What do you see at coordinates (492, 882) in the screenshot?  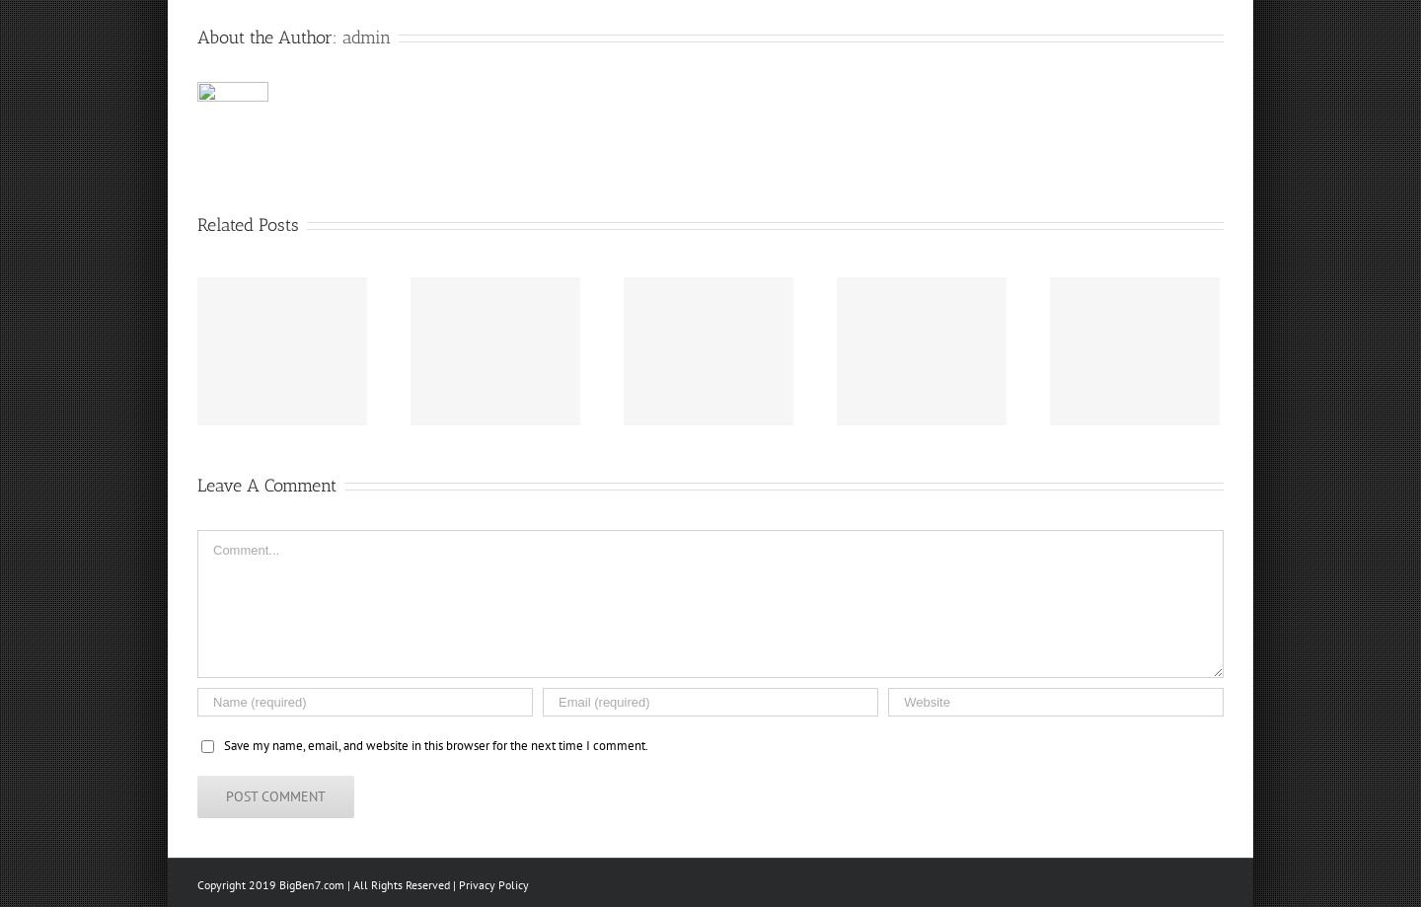 I see `'Privacy Policy'` at bounding box center [492, 882].